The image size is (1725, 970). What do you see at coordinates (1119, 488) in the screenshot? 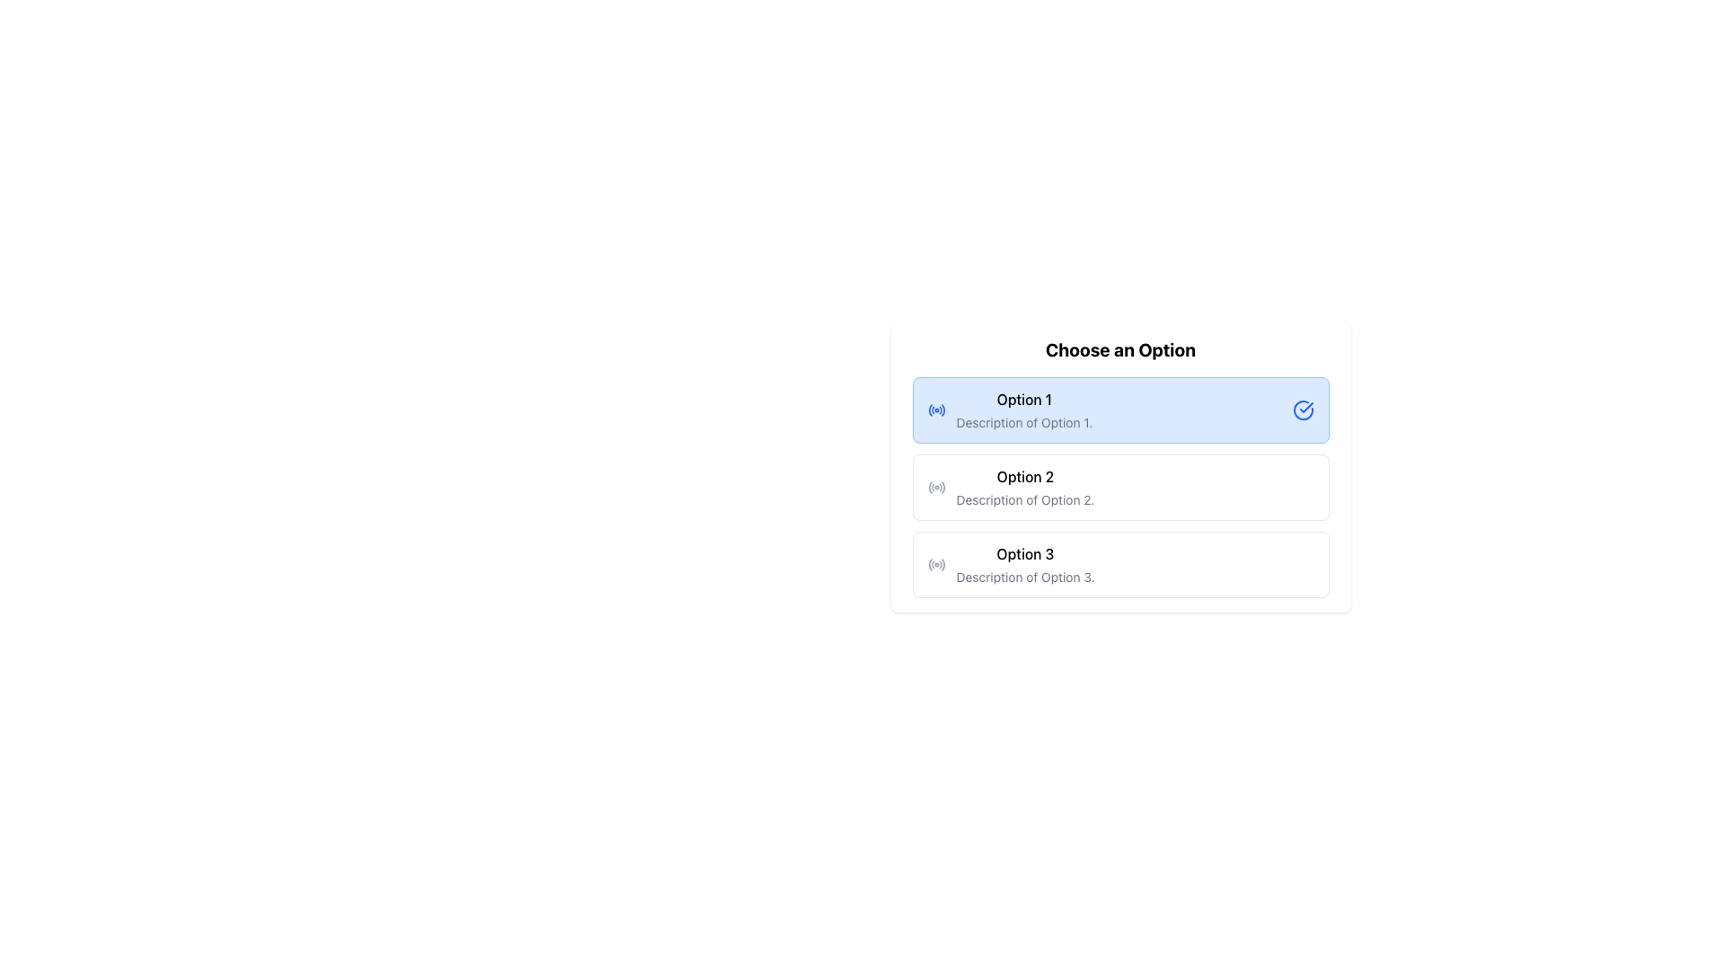
I see `the selectable option panel labeled 'Option 2' to observe hover effects` at bounding box center [1119, 488].